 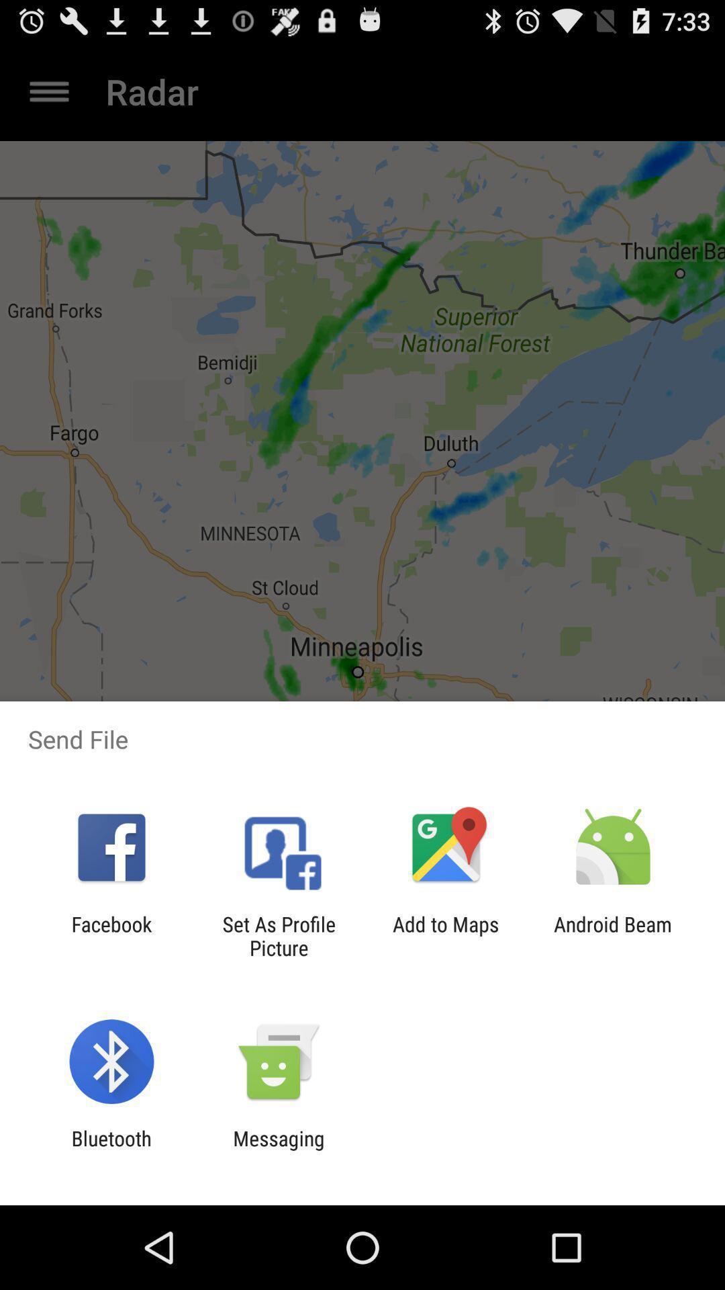 I want to click on item at the bottom right corner, so click(x=613, y=935).